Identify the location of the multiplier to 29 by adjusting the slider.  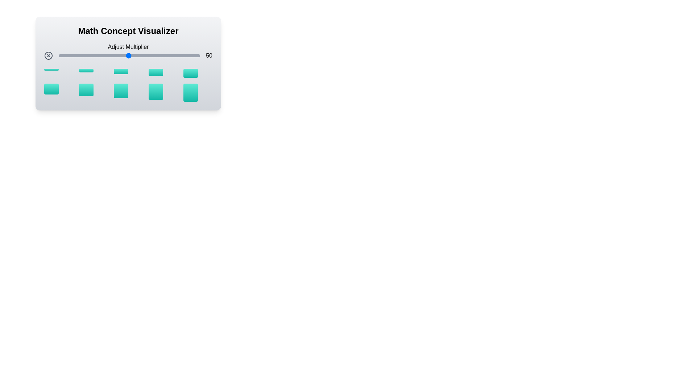
(98, 55).